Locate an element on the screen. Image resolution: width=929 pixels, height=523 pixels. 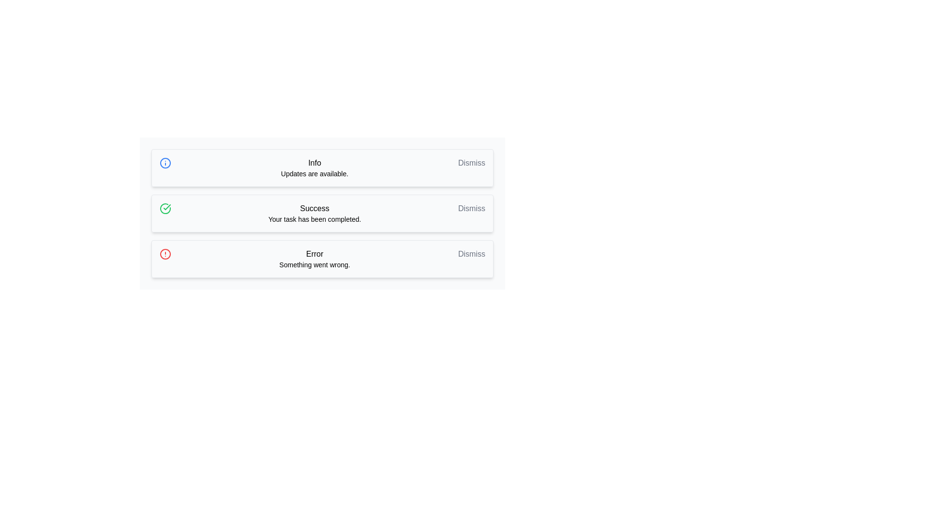
text label component displaying 'Error', which is centrally aligned and signifies an alert, located above the descriptive message 'Something went wrong.' is located at coordinates (315, 253).